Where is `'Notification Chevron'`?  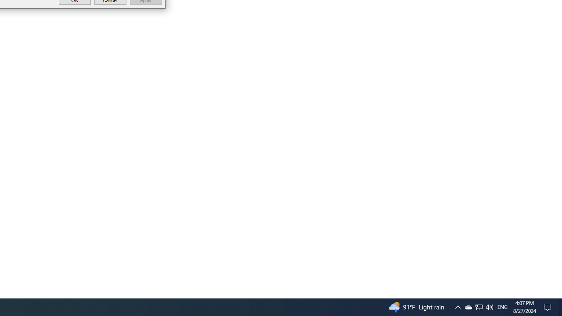
'Notification Chevron' is located at coordinates (479, 306).